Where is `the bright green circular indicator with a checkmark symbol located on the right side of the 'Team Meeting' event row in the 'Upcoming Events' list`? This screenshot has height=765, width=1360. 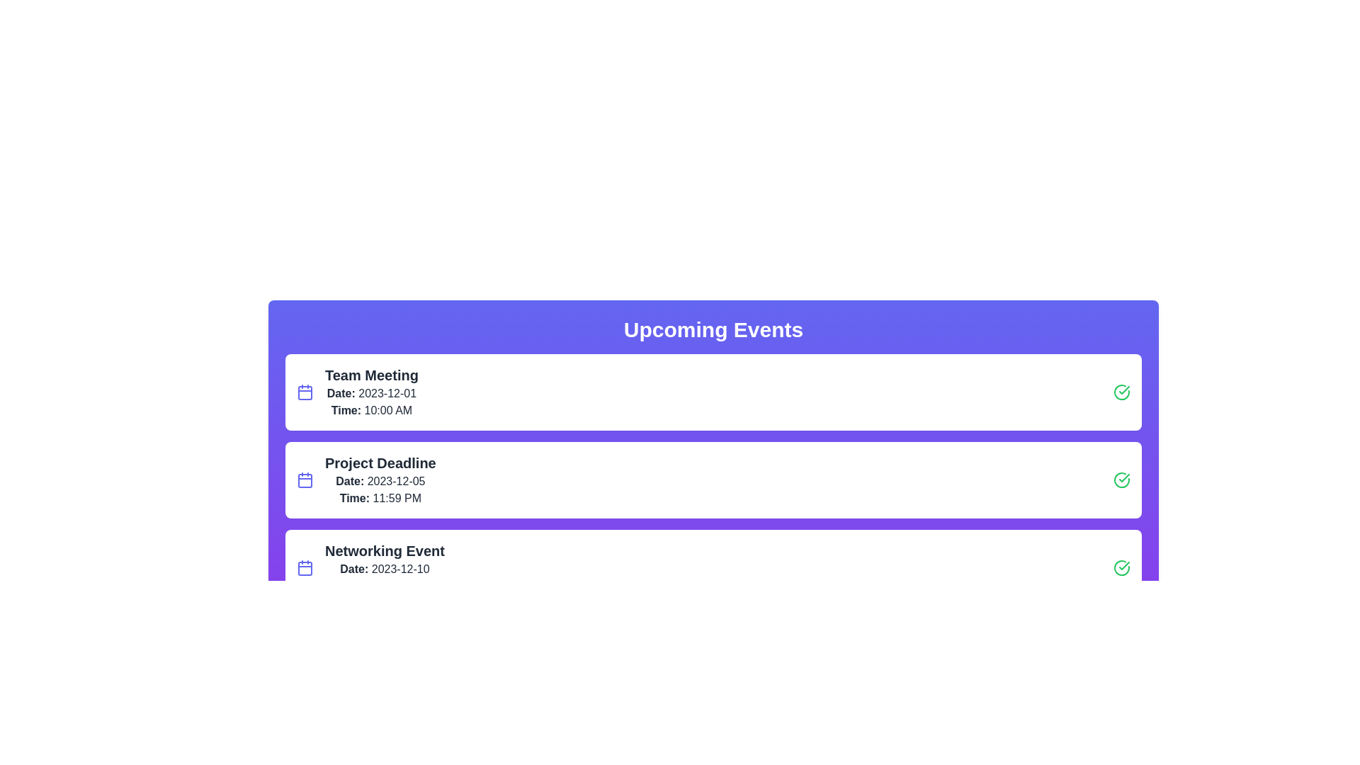
the bright green circular indicator with a checkmark symbol located on the right side of the 'Team Meeting' event row in the 'Upcoming Events' list is located at coordinates (1121, 480).